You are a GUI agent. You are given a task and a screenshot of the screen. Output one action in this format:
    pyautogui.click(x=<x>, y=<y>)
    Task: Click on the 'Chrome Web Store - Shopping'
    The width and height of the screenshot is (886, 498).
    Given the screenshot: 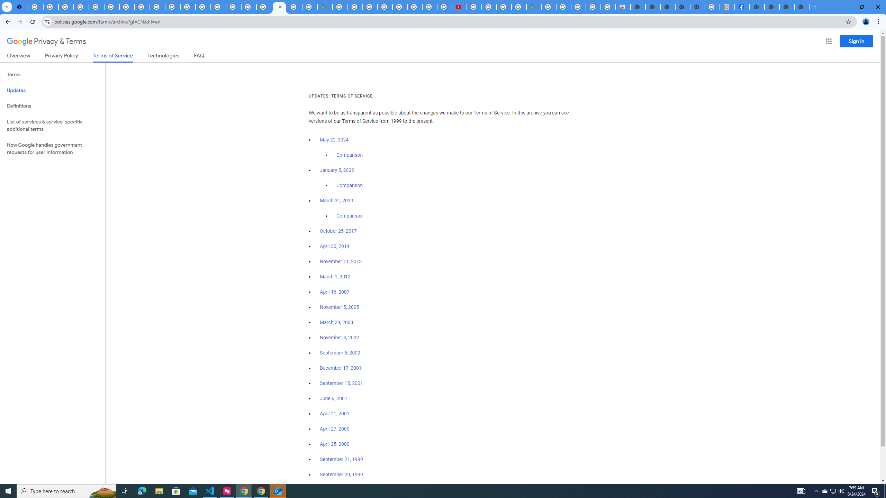 What is the action you would take?
    pyautogui.click(x=622, y=7)
    